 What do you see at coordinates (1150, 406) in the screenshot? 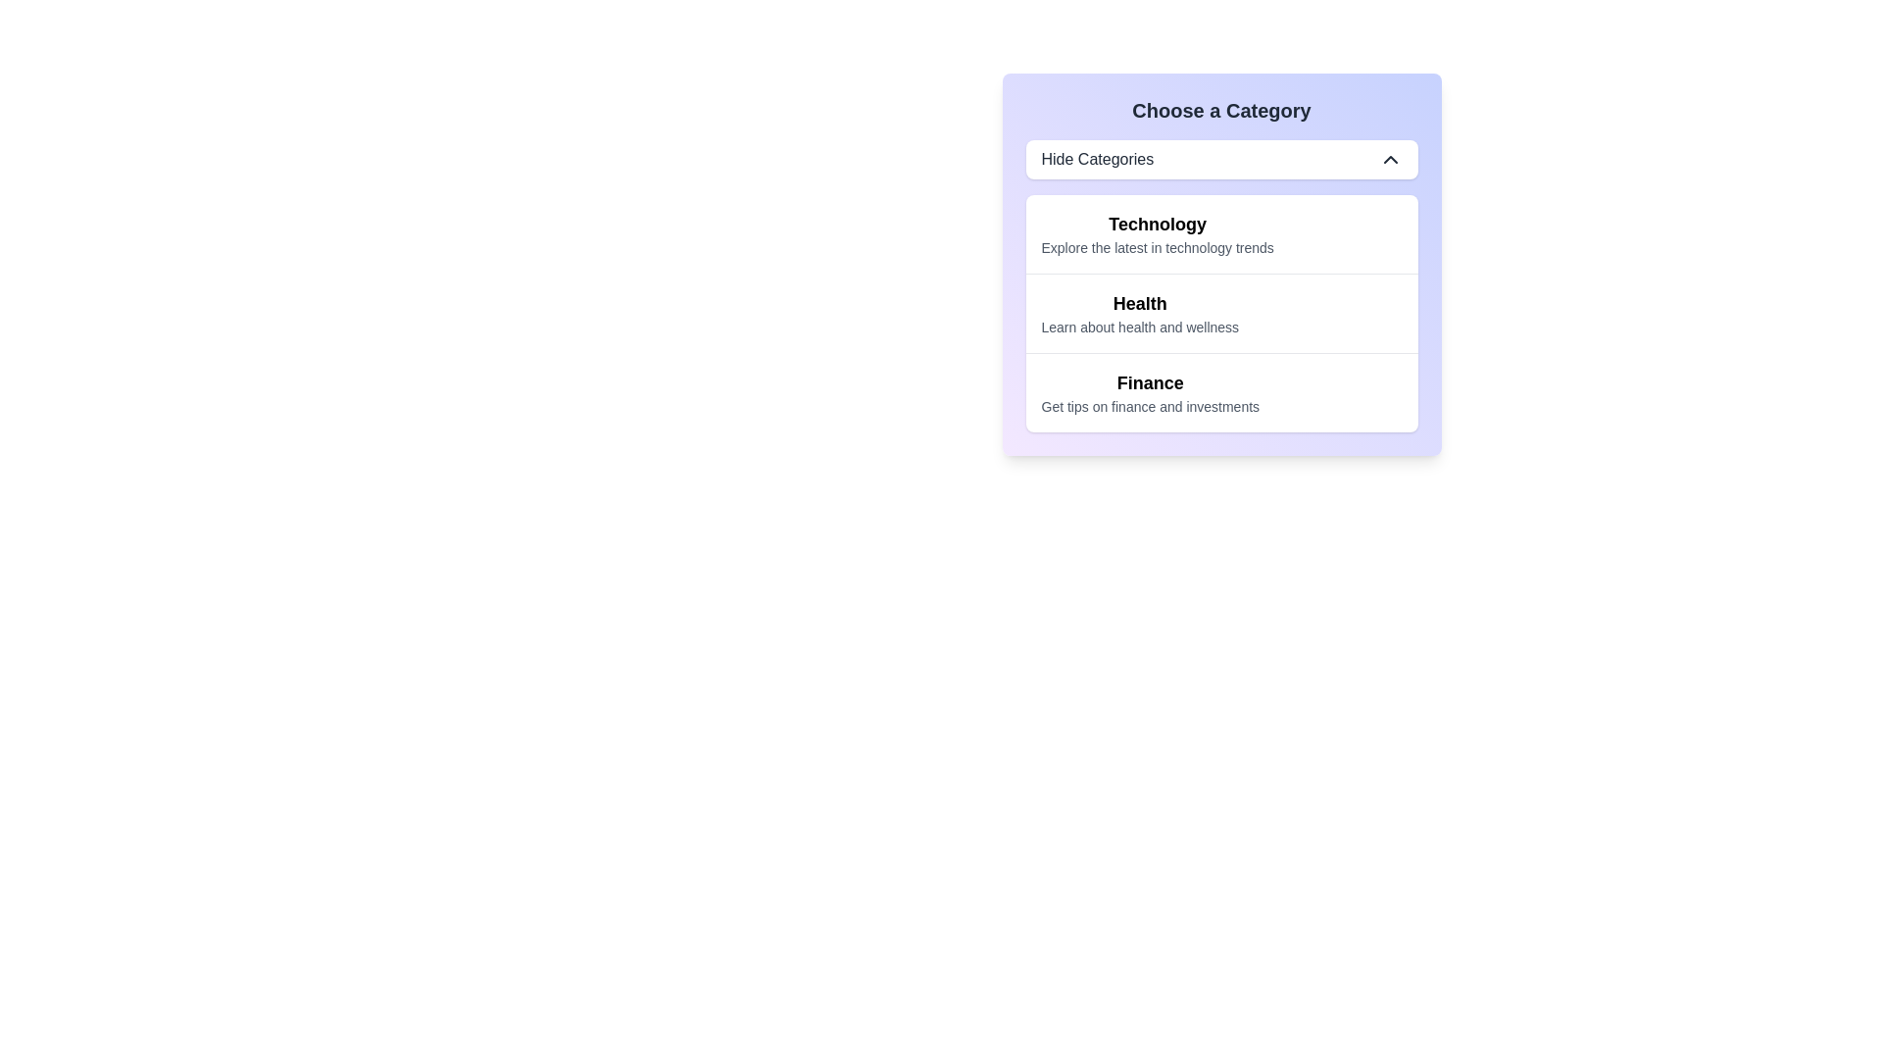
I see `the descriptive label text located beneath the 'Finance' header in the third category card under 'Choose a Category'` at bounding box center [1150, 406].